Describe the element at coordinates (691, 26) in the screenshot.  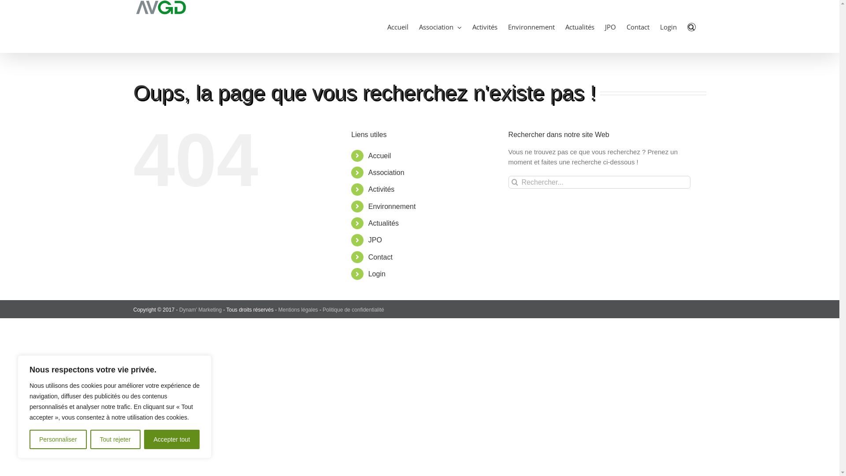
I see `'Recherche'` at that location.